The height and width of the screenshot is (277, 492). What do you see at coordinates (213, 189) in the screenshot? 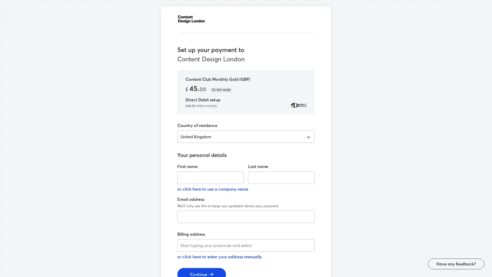
I see `or click here to use a company name` at bounding box center [213, 189].